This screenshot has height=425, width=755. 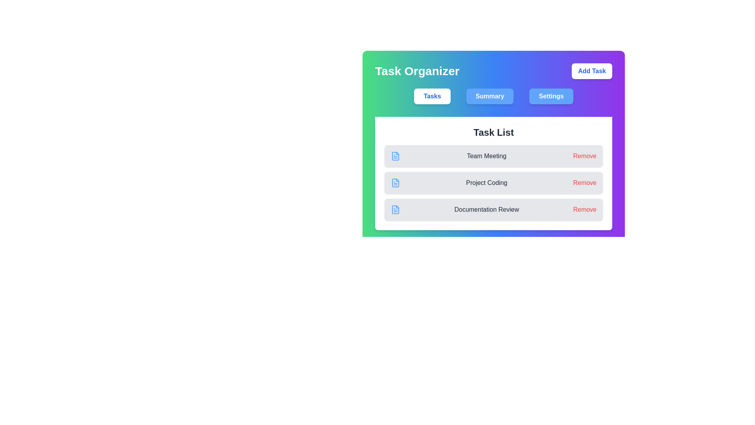 What do you see at coordinates (585, 156) in the screenshot?
I see `the red 'Remove' textual label located on the right side of the 'Team Meeting' task in the task list to initiate task removal` at bounding box center [585, 156].